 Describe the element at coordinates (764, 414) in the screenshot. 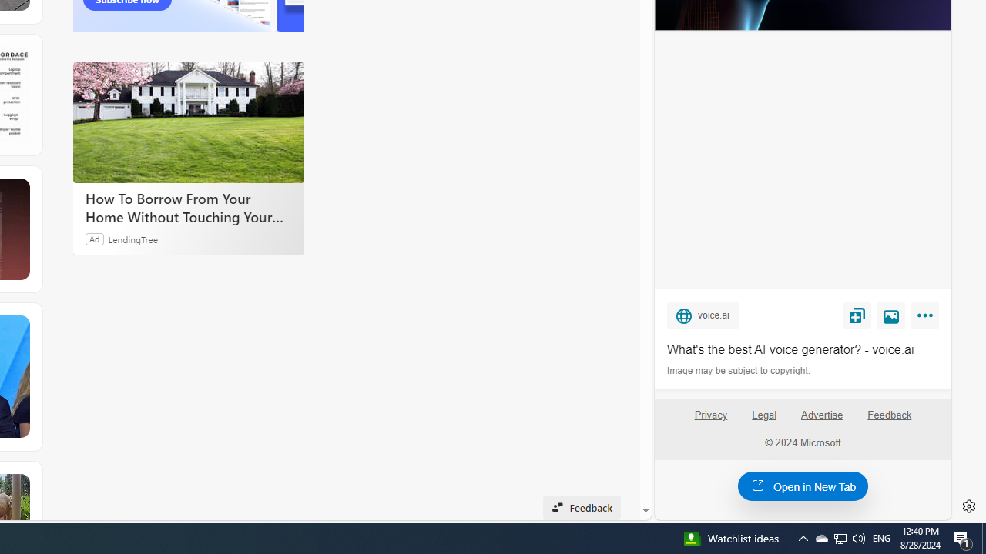

I see `'Legal'` at that location.